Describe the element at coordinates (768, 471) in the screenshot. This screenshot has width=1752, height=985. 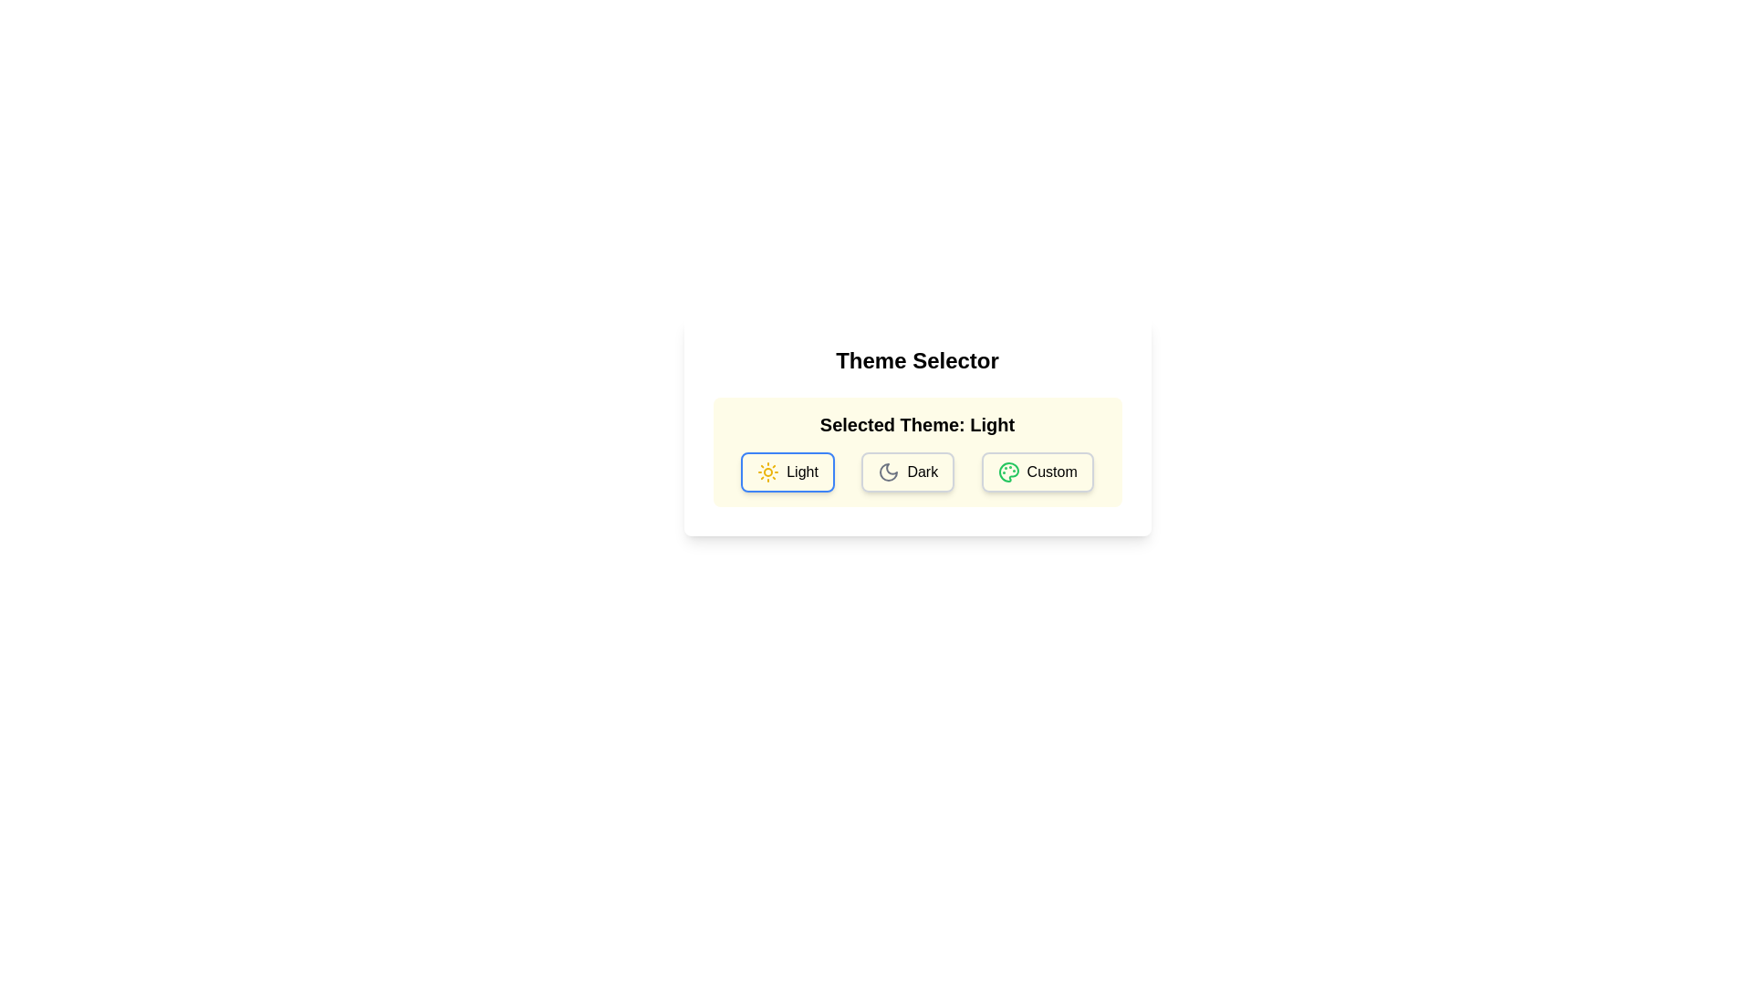
I see `the 'Light' theme icon in the theme selector interface, which is the leftmost icon representing the light mode setting` at that location.